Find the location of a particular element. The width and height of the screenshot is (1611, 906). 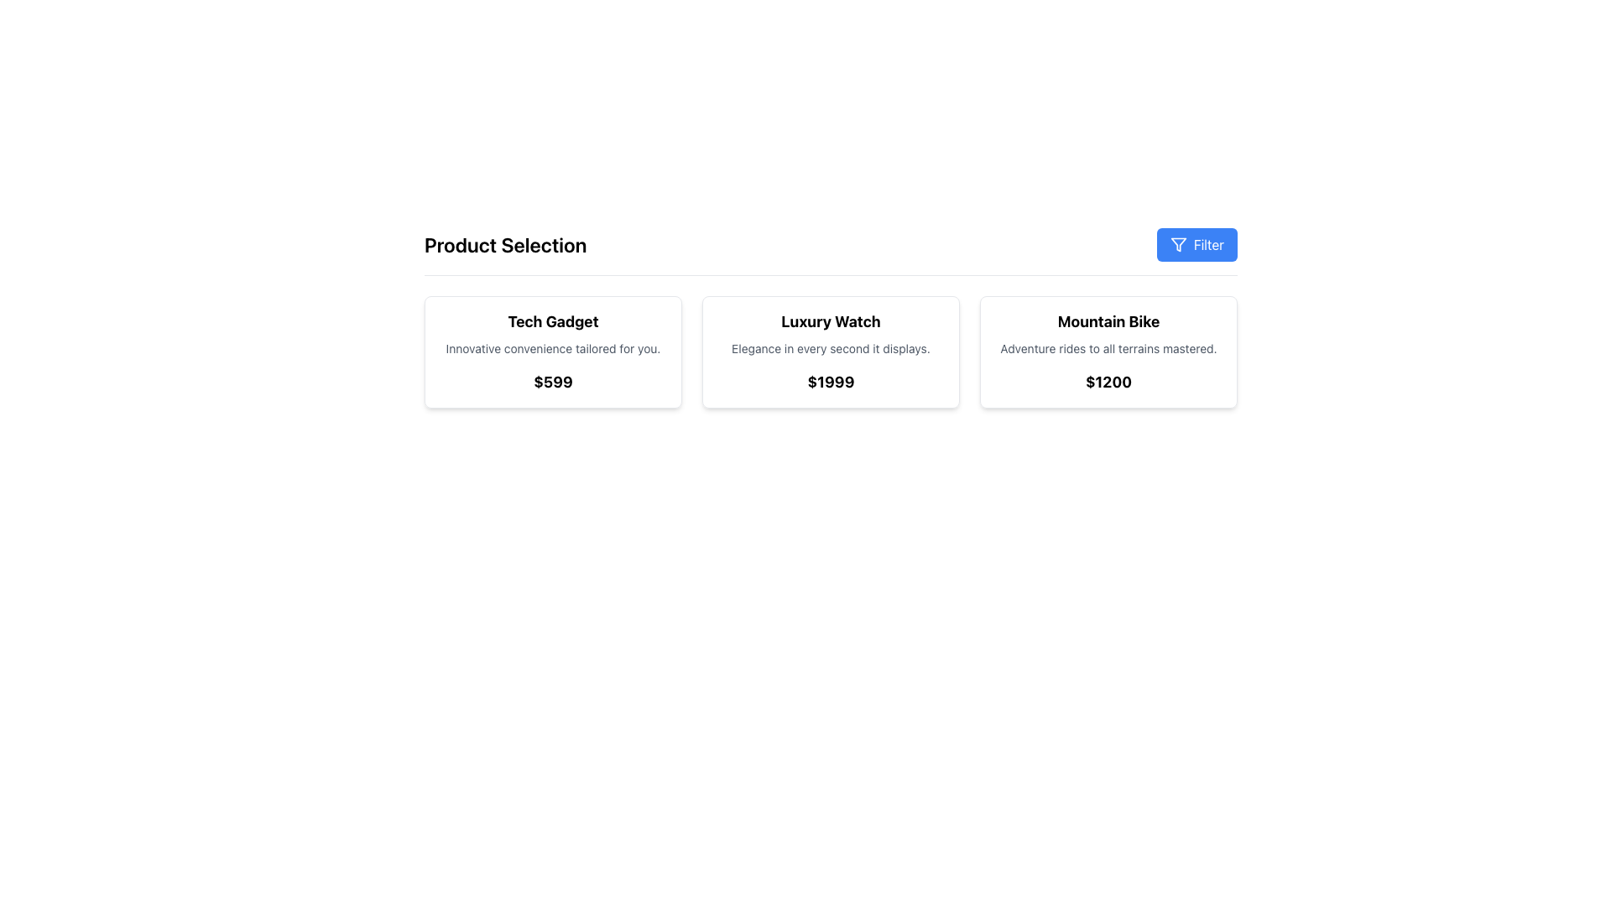

the filter icon resembling a funnel, which is located inside a blue button labeled 'Filter' at the top right of the layout is located at coordinates (1177, 245).